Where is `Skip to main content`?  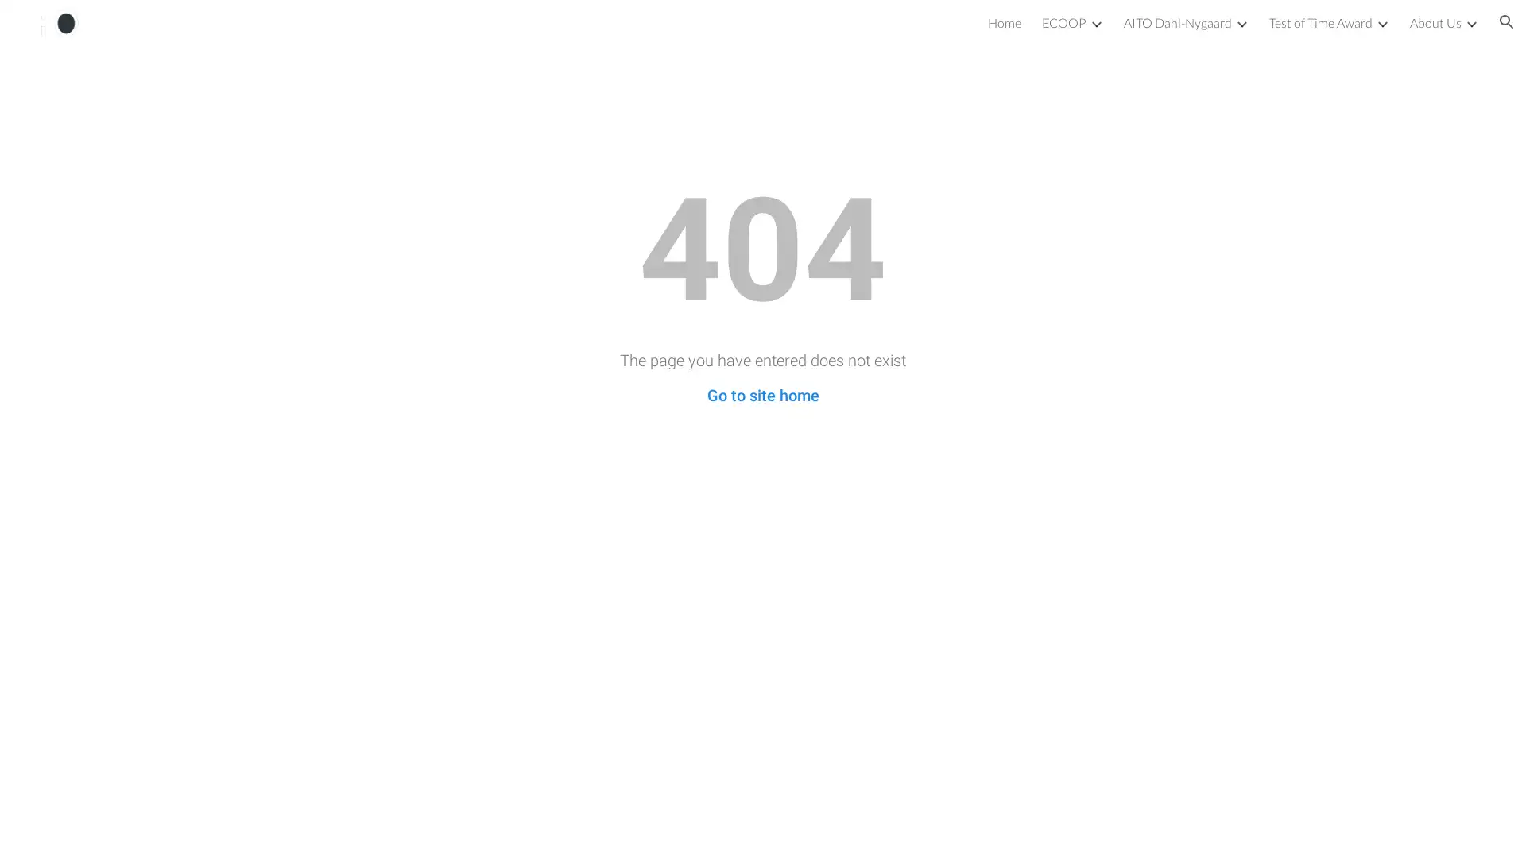 Skip to main content is located at coordinates (626, 29).